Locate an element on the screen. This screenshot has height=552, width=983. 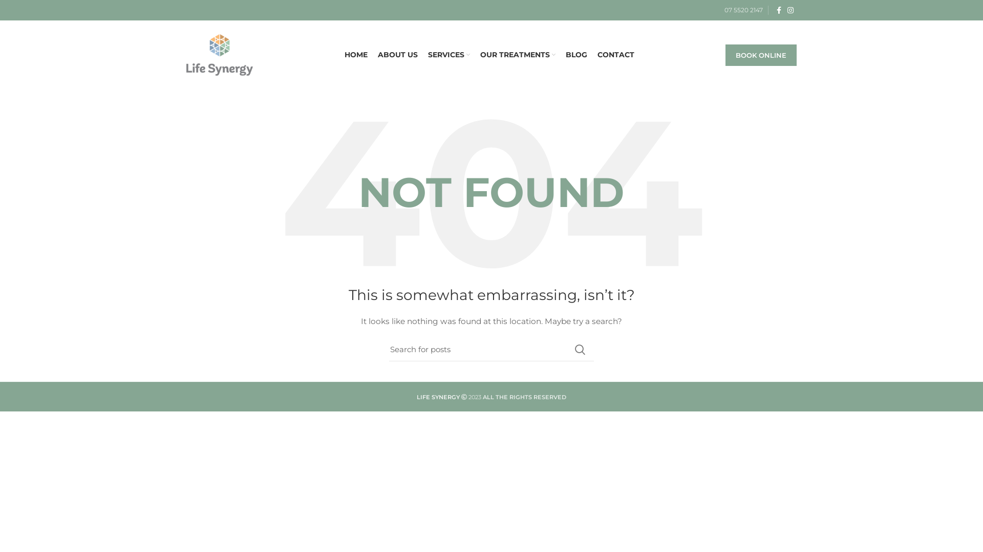
'HOME' is located at coordinates (355, 55).